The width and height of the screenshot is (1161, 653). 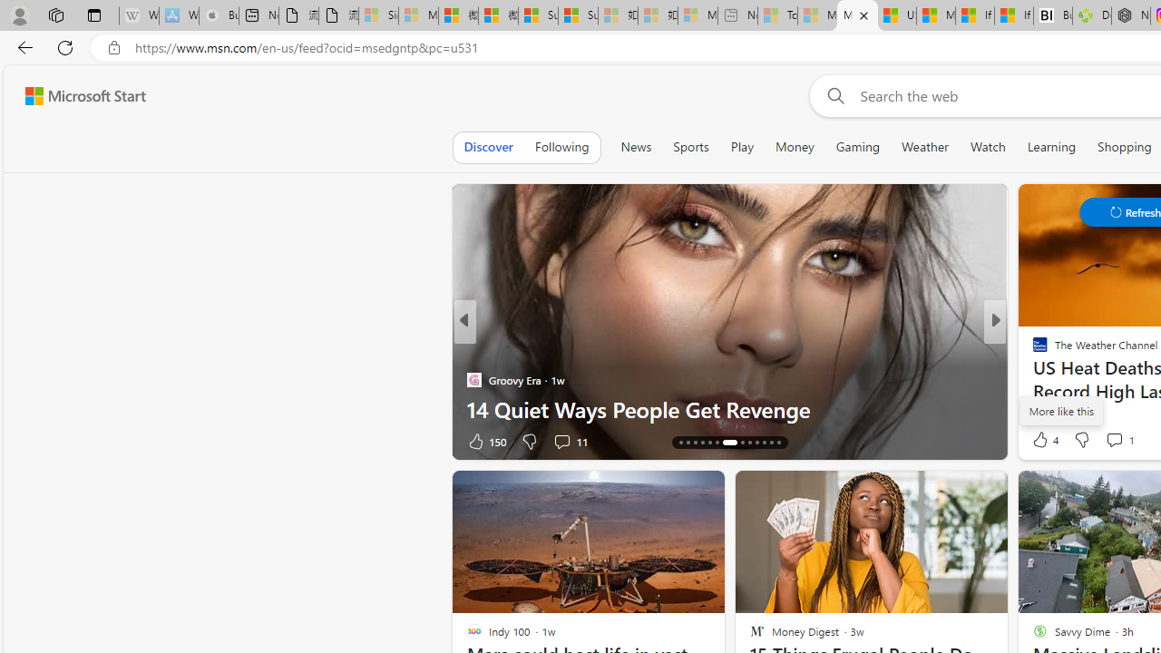 I want to click on 'Nordace - Nordace Edin Collection', so click(x=1130, y=15).